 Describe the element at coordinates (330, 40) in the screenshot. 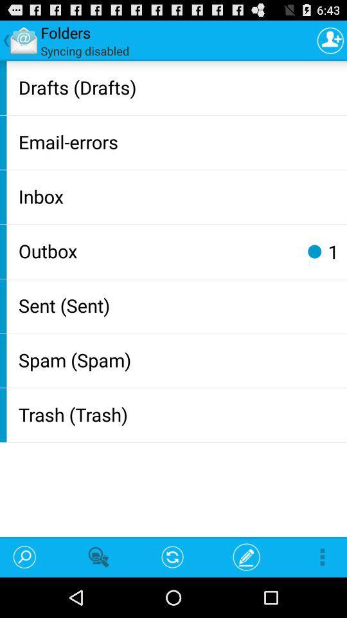

I see `app next to syncing disabled item` at that location.